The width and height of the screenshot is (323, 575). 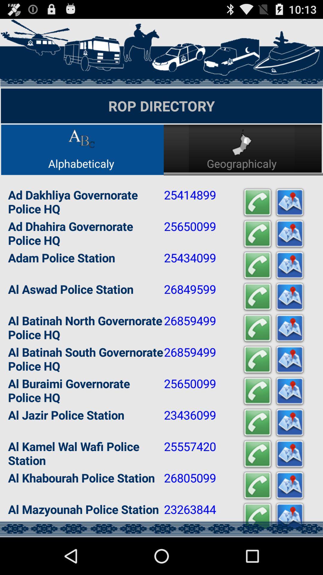 What do you see at coordinates (257, 250) in the screenshot?
I see `the call icon` at bounding box center [257, 250].